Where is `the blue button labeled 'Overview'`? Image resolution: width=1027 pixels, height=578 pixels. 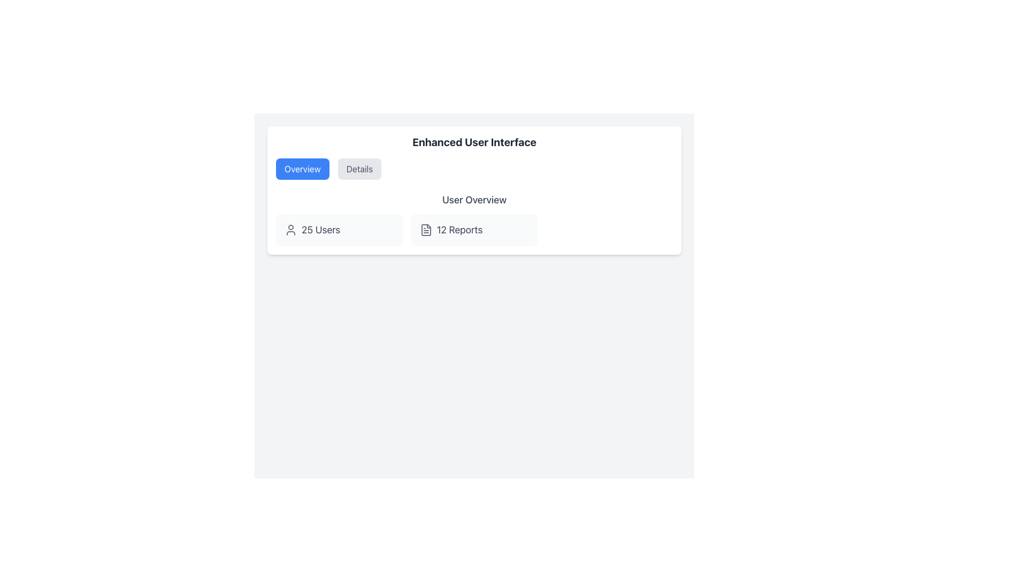 the blue button labeled 'Overview' is located at coordinates (302, 169).